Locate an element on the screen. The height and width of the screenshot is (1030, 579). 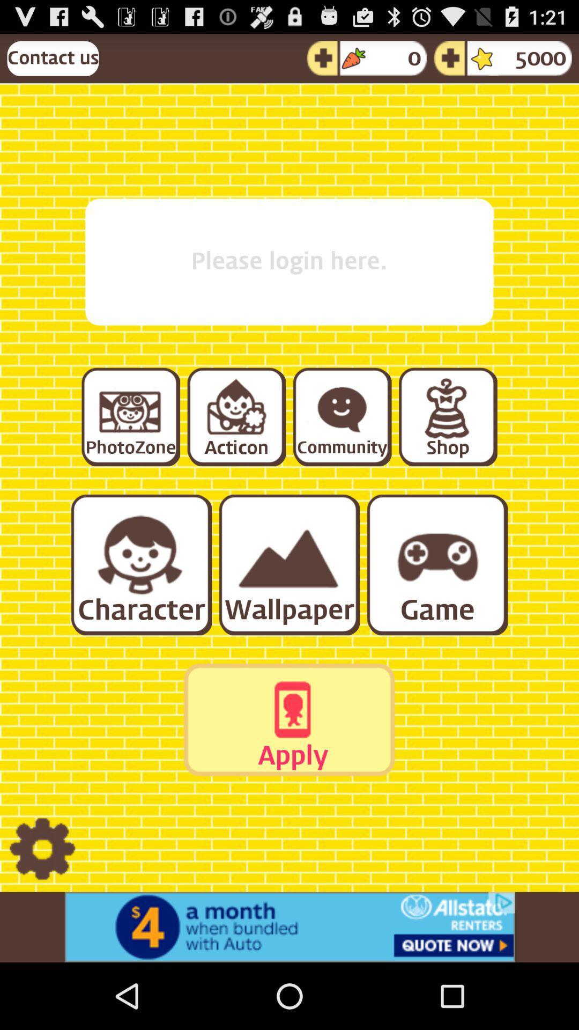
community is located at coordinates (342, 416).